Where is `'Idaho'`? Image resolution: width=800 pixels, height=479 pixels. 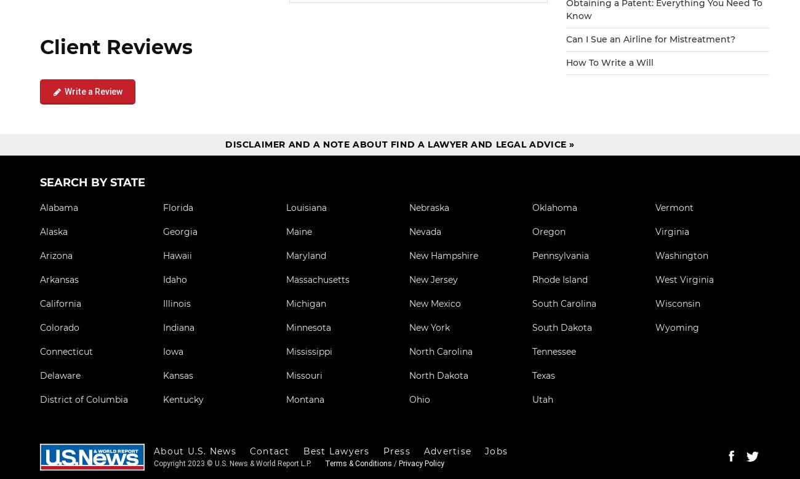
'Idaho' is located at coordinates (175, 279).